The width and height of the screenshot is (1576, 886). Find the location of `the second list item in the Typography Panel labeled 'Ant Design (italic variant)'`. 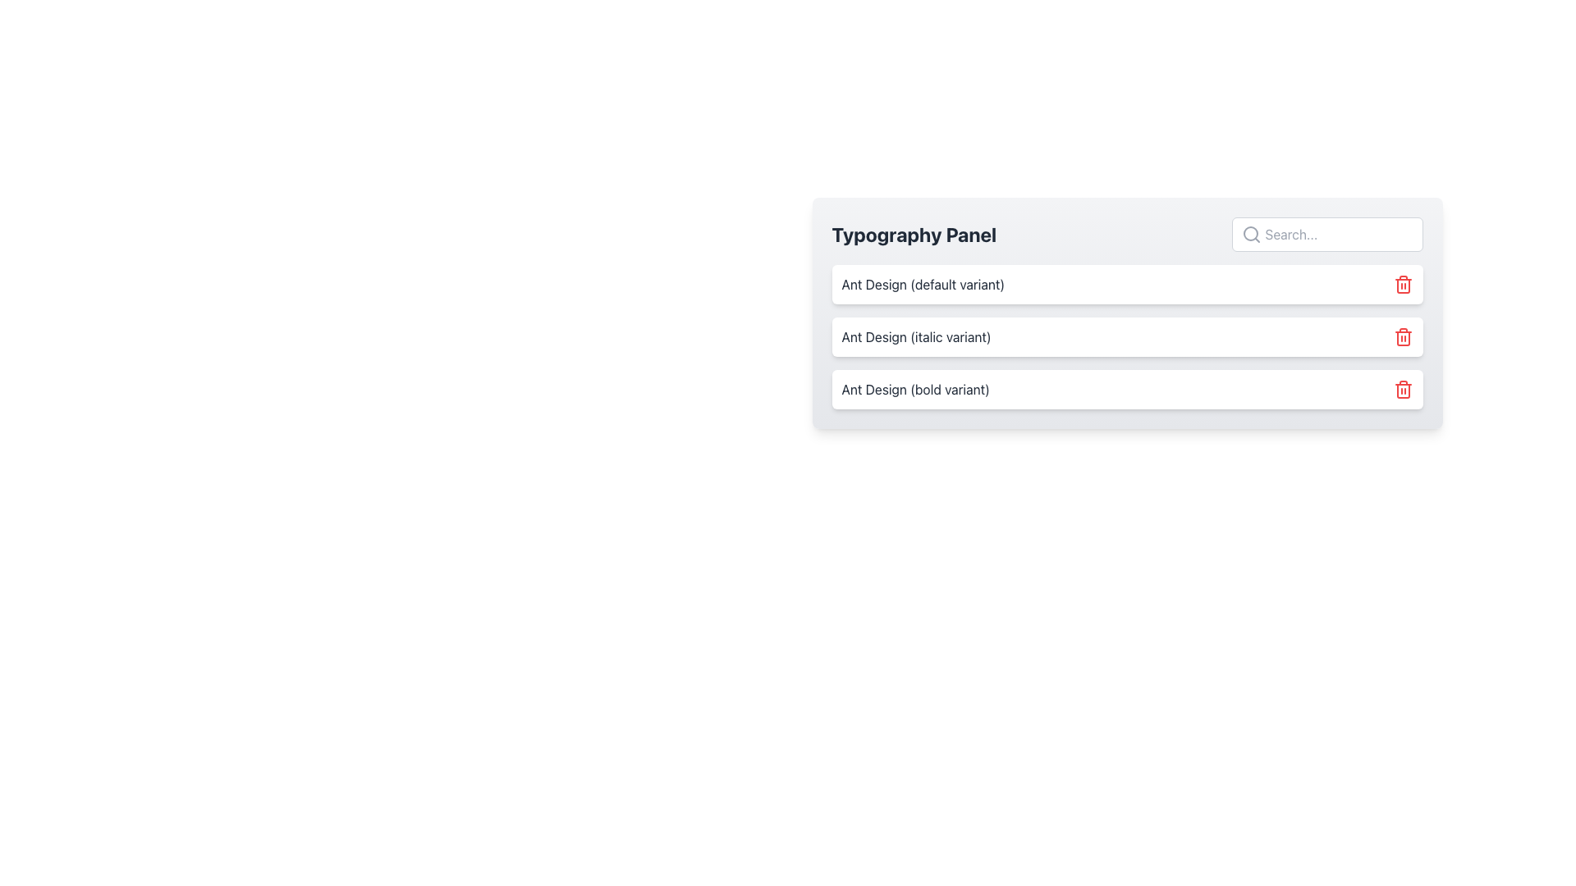

the second list item in the Typography Panel labeled 'Ant Design (italic variant)' is located at coordinates (1126, 340).